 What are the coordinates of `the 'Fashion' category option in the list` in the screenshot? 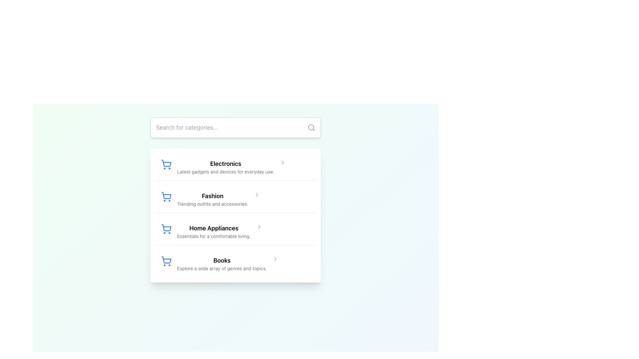 It's located at (236, 199).